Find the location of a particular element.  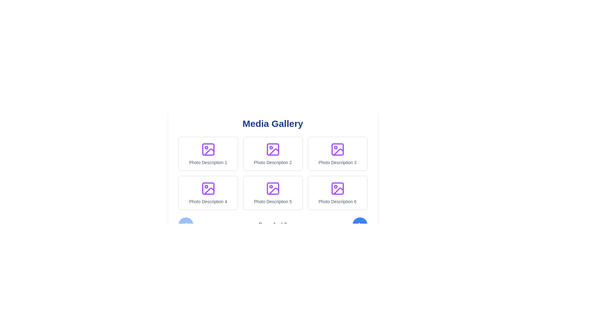

the purple image icon resembling a picture frame with a circular detail, located in the upper center of the 'Photo Description 2' card under the 'Media Gallery' title is located at coordinates (273, 150).